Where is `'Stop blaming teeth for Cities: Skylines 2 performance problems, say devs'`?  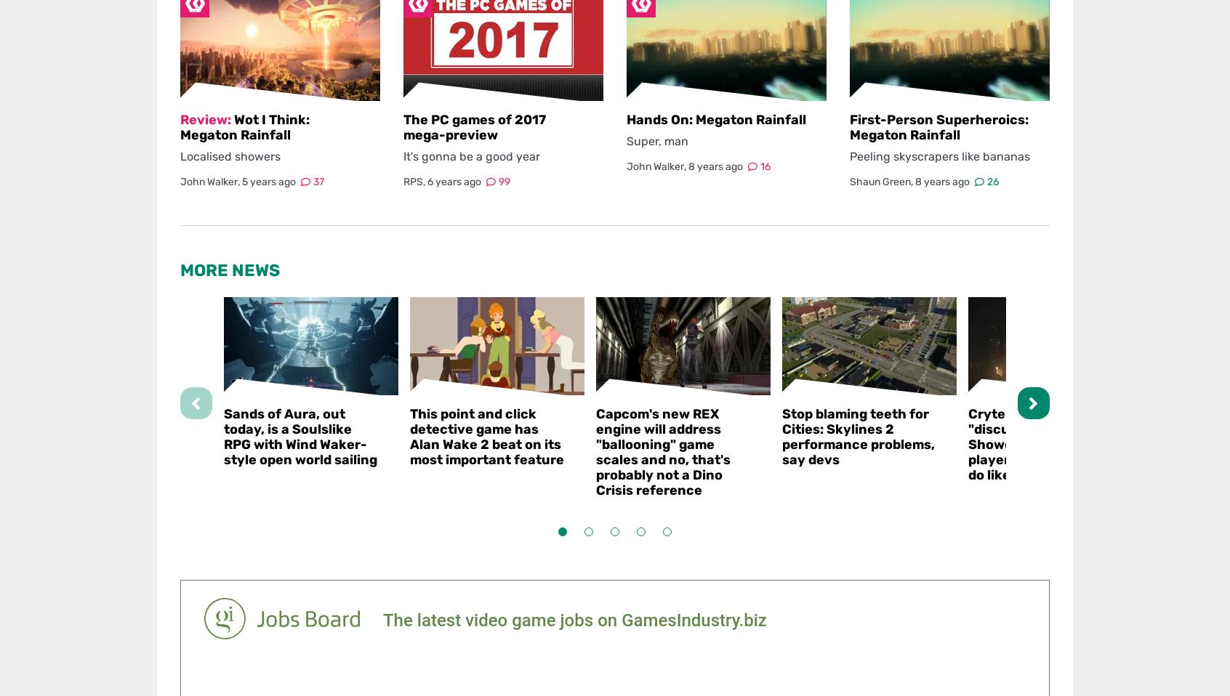 'Stop blaming teeth for Cities: Skylines 2 performance problems, say devs' is located at coordinates (858, 436).